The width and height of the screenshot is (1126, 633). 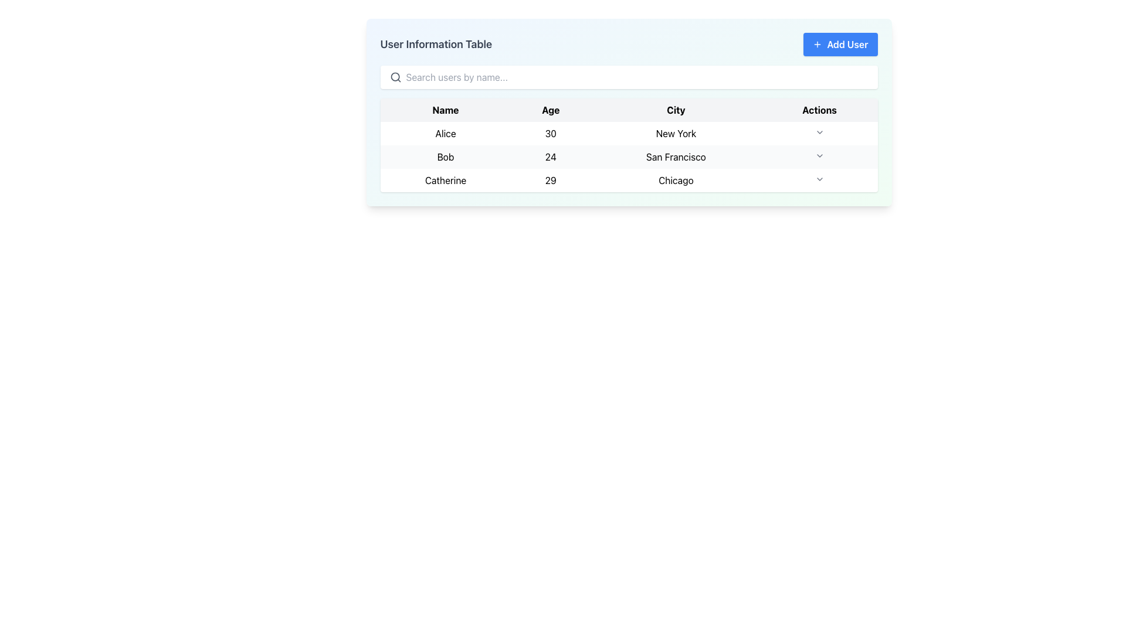 I want to click on the text element displaying the name 'Alice' in the user information table, located in the first visible row of the 'Name' column, so click(x=445, y=132).